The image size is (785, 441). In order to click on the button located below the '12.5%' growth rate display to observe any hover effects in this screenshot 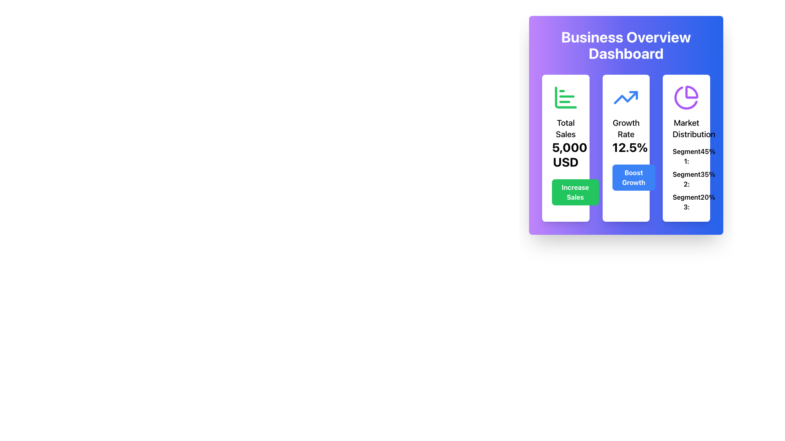, I will do `click(633, 177)`.